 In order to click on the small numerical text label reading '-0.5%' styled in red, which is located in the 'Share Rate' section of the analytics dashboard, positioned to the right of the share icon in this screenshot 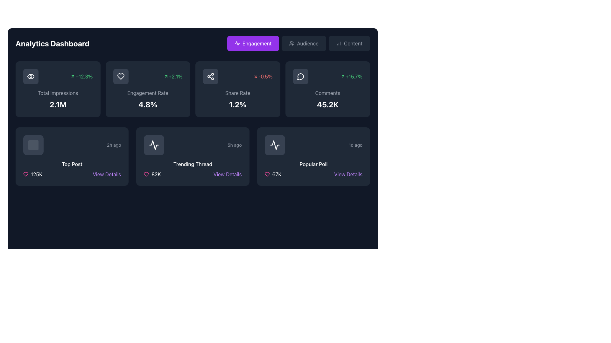, I will do `click(237, 76)`.